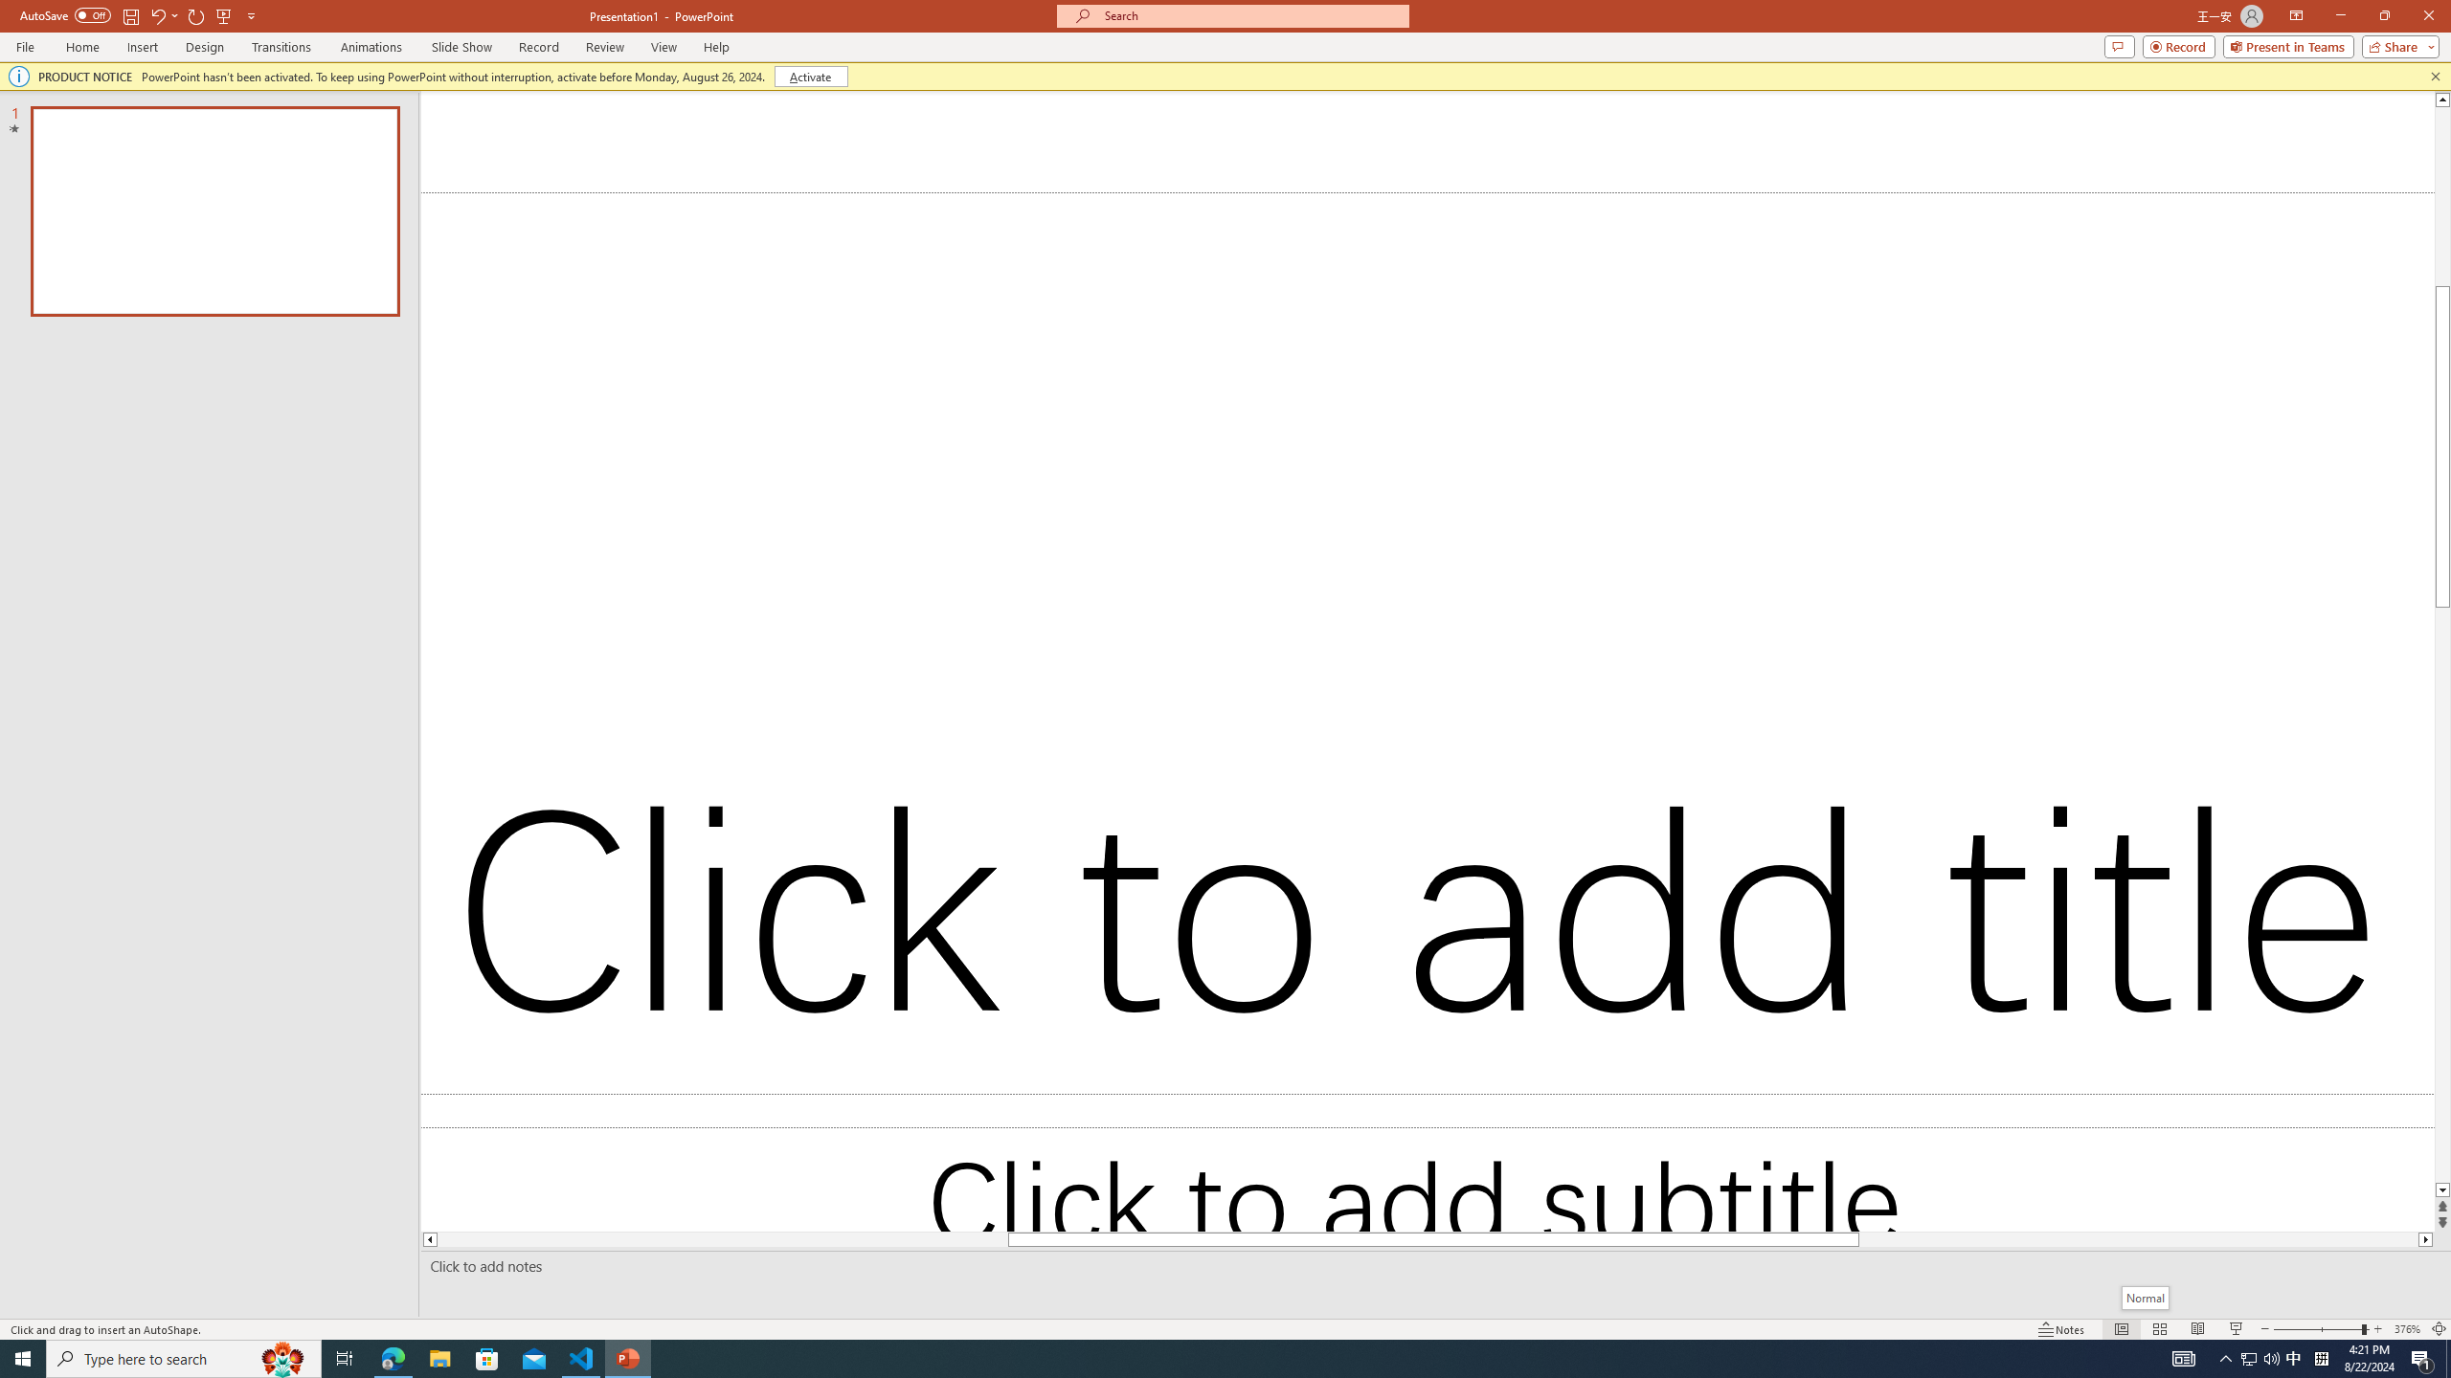  Describe the element at coordinates (811, 75) in the screenshot. I see `'Activate'` at that location.